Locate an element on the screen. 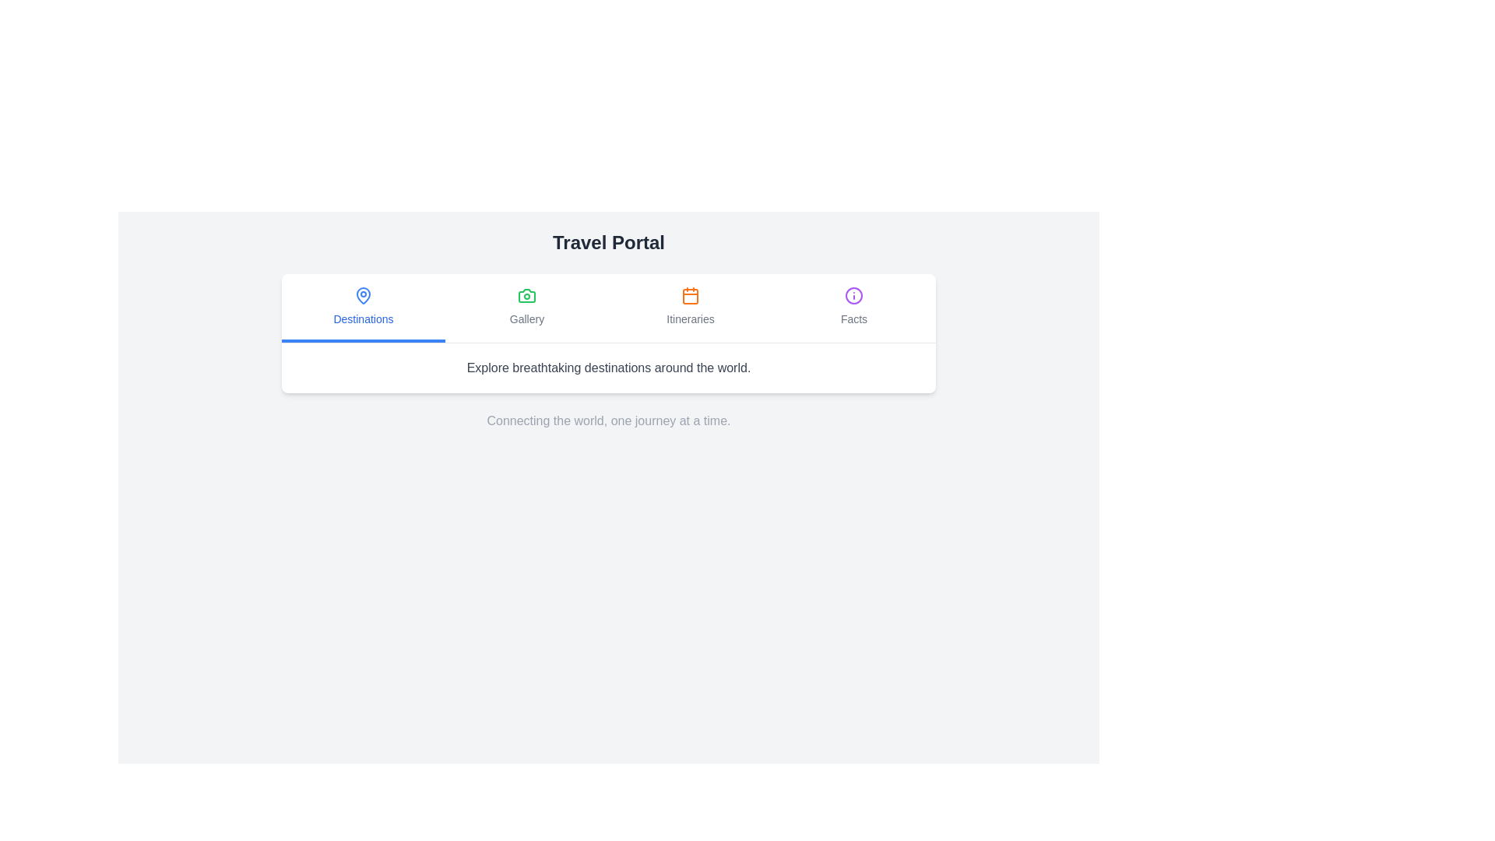 The image size is (1495, 841). the orange calendar icon located in the 'Itineraries' section of the navigation bar for additional options is located at coordinates (690, 296).